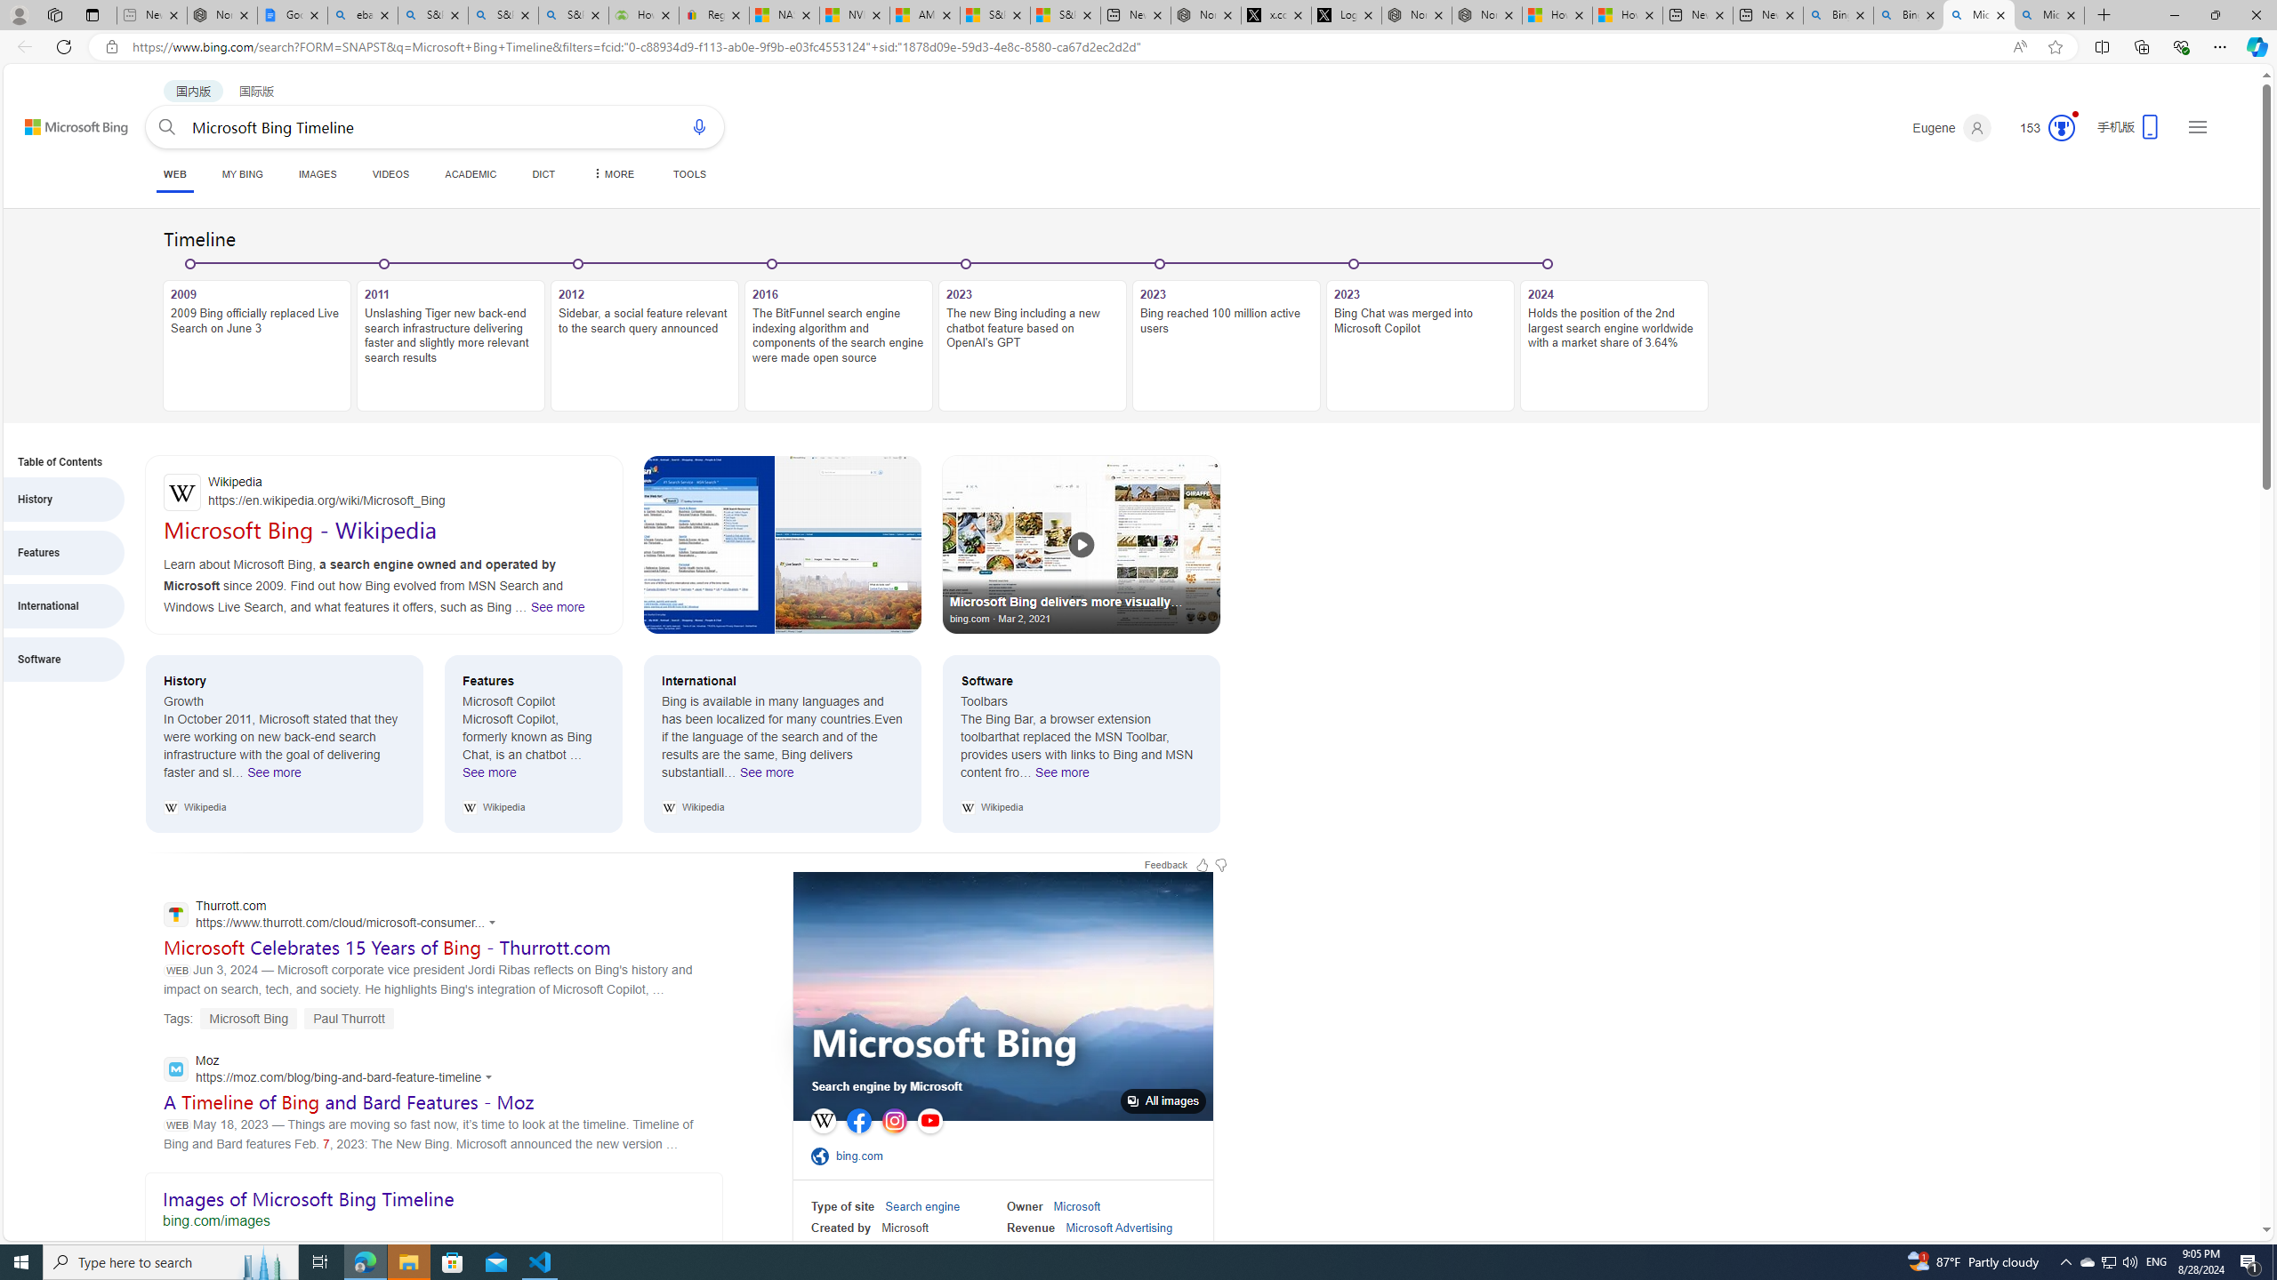  Describe the element at coordinates (1201, 864) in the screenshot. I see `'Feedback Like'` at that location.